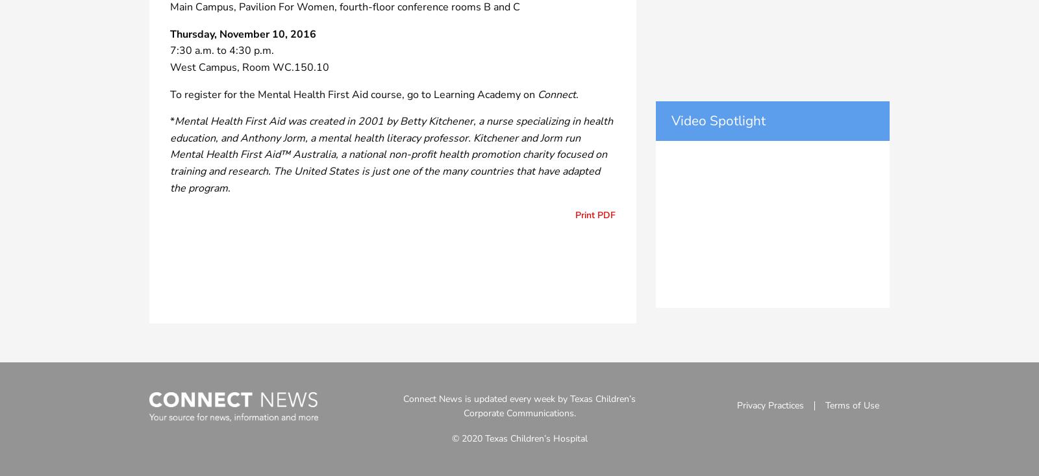  What do you see at coordinates (344, 6) in the screenshot?
I see `'Main Campus, Pavilion For Women, fourth-floor conference rooms B and C'` at bounding box center [344, 6].